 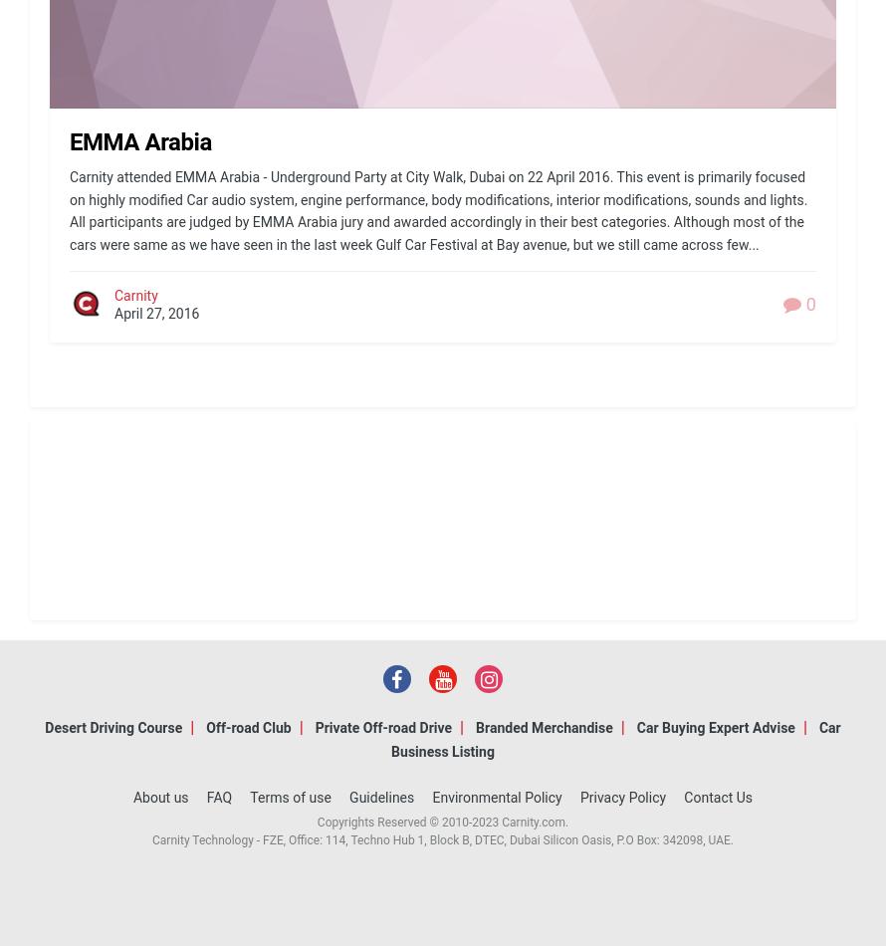 What do you see at coordinates (615, 738) in the screenshot?
I see `'Car Business Listing'` at bounding box center [615, 738].